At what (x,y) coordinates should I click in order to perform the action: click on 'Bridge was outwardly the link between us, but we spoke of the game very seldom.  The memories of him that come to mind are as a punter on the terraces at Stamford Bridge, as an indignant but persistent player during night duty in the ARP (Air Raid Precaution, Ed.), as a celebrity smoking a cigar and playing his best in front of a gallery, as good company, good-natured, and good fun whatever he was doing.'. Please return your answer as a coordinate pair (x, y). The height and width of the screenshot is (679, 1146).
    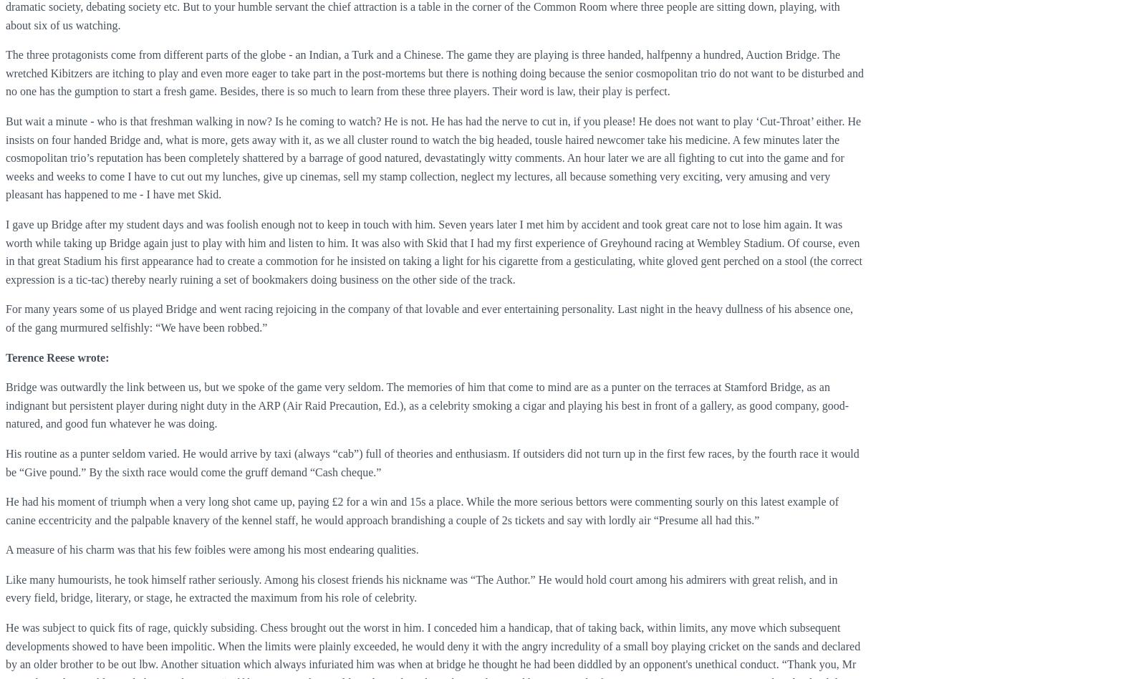
    Looking at the image, I should click on (426, 405).